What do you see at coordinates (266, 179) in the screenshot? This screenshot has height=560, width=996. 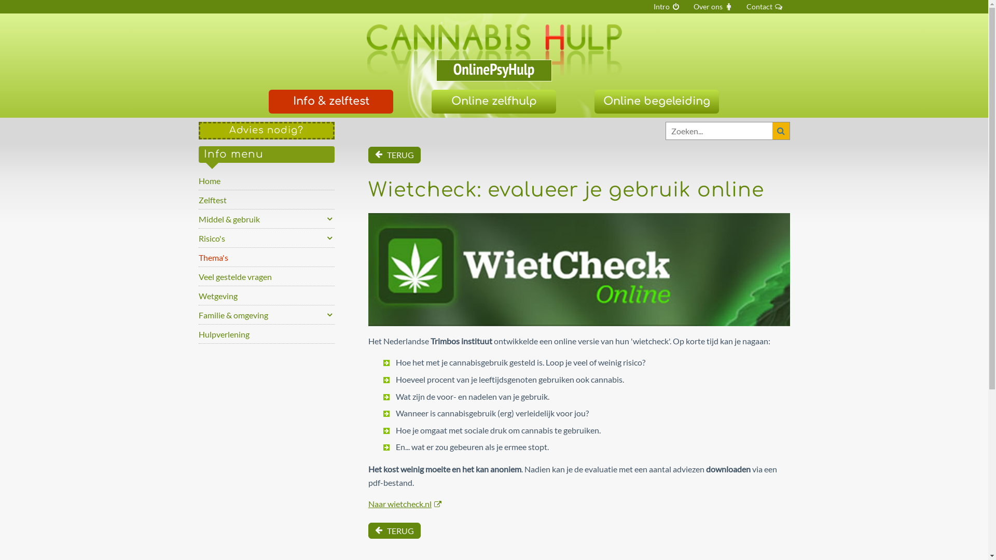 I see `'Home'` at bounding box center [266, 179].